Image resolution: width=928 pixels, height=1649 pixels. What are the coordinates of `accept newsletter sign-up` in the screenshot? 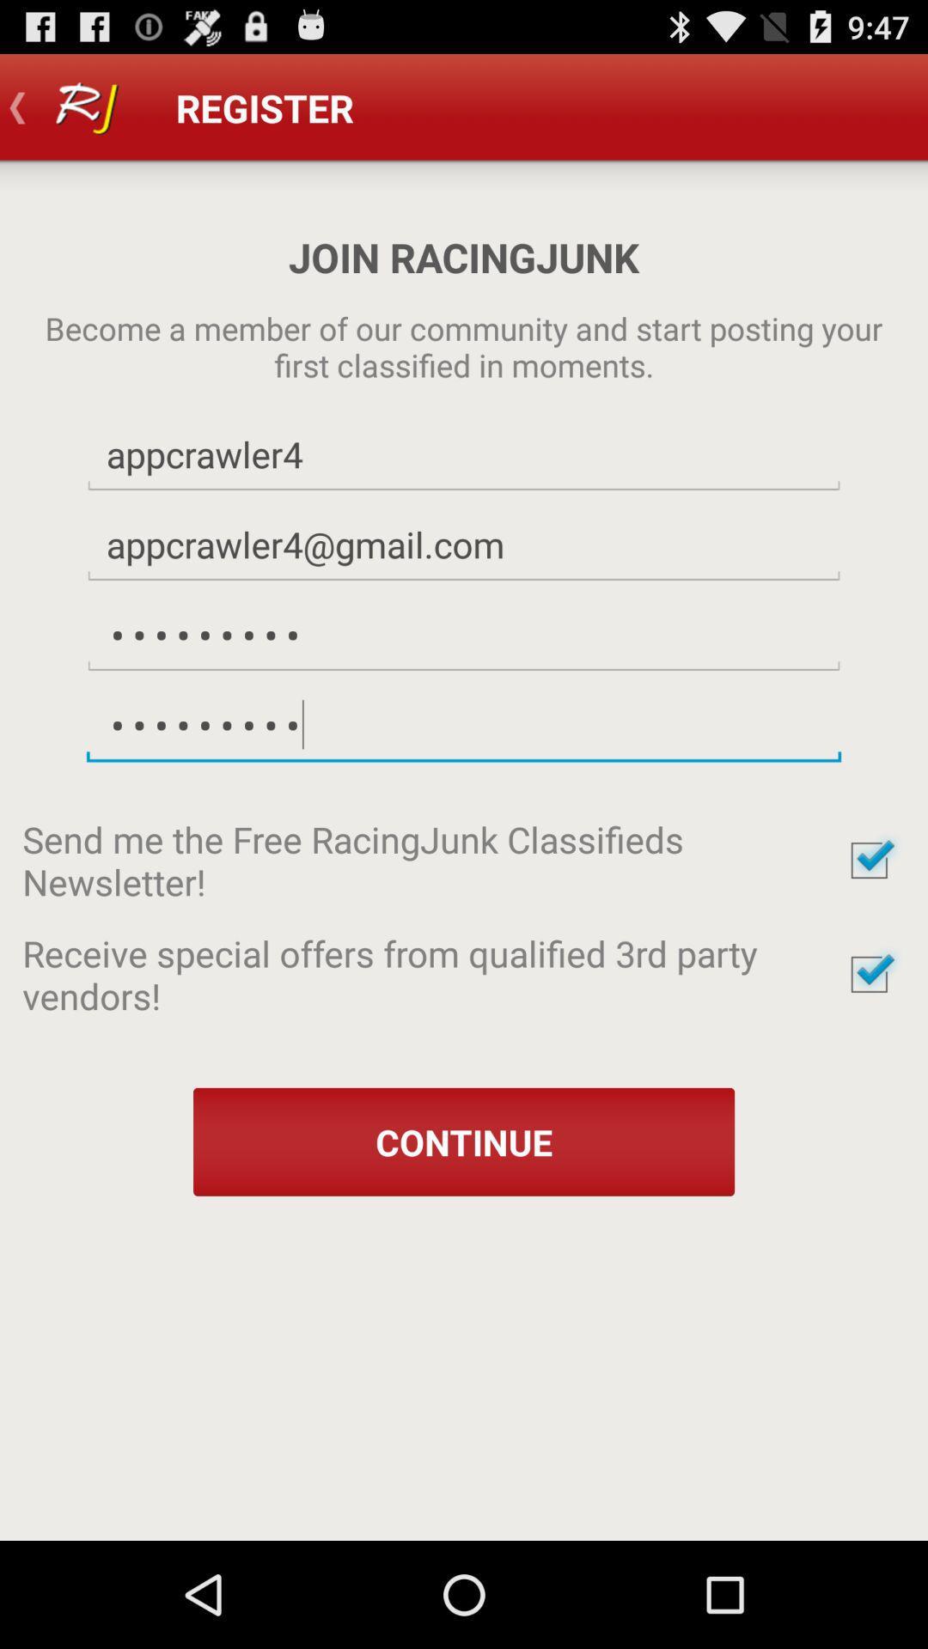 It's located at (869, 861).